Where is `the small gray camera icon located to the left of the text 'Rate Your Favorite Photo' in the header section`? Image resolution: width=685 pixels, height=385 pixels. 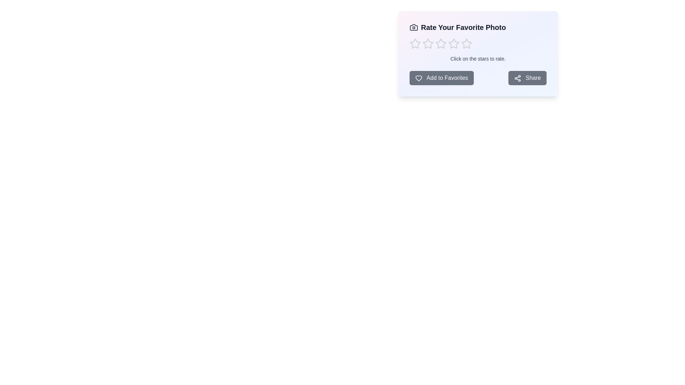
the small gray camera icon located to the left of the text 'Rate Your Favorite Photo' in the header section is located at coordinates (414, 27).